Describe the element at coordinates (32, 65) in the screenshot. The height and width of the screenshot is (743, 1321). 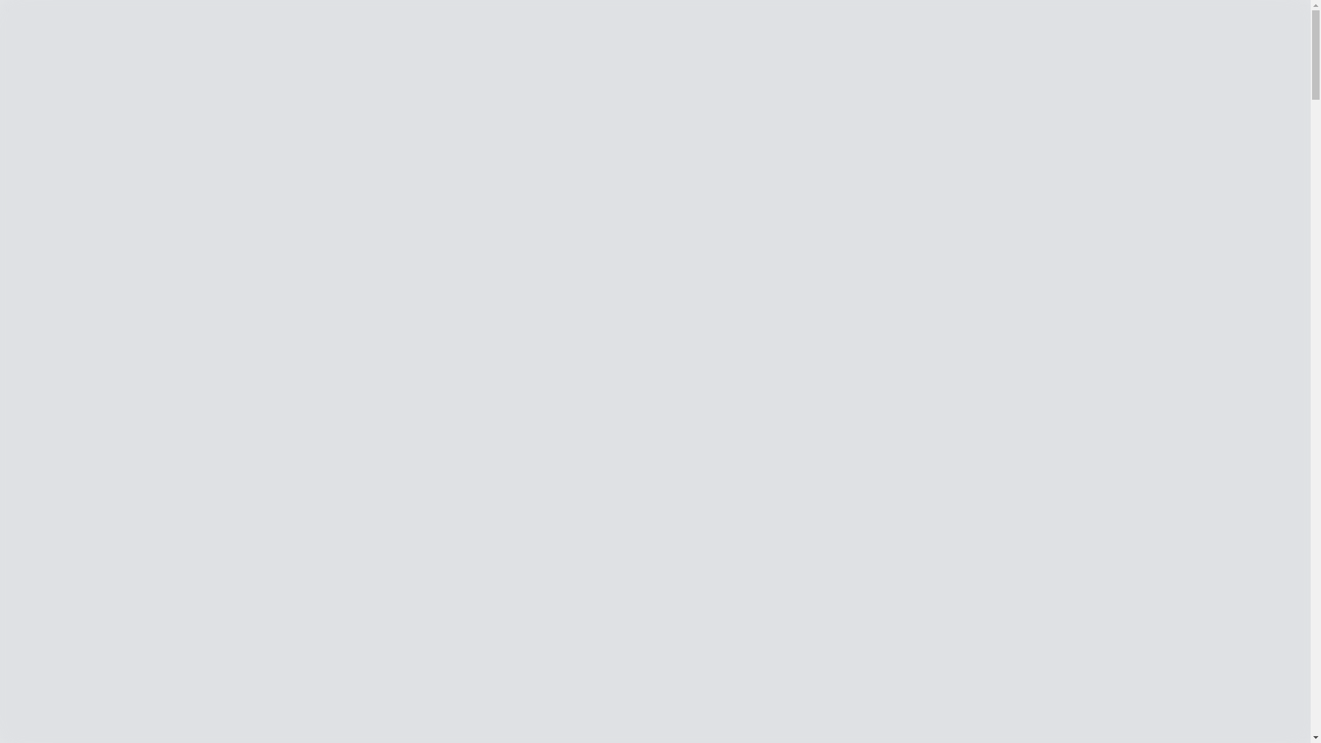
I see `'Enter Now'` at that location.